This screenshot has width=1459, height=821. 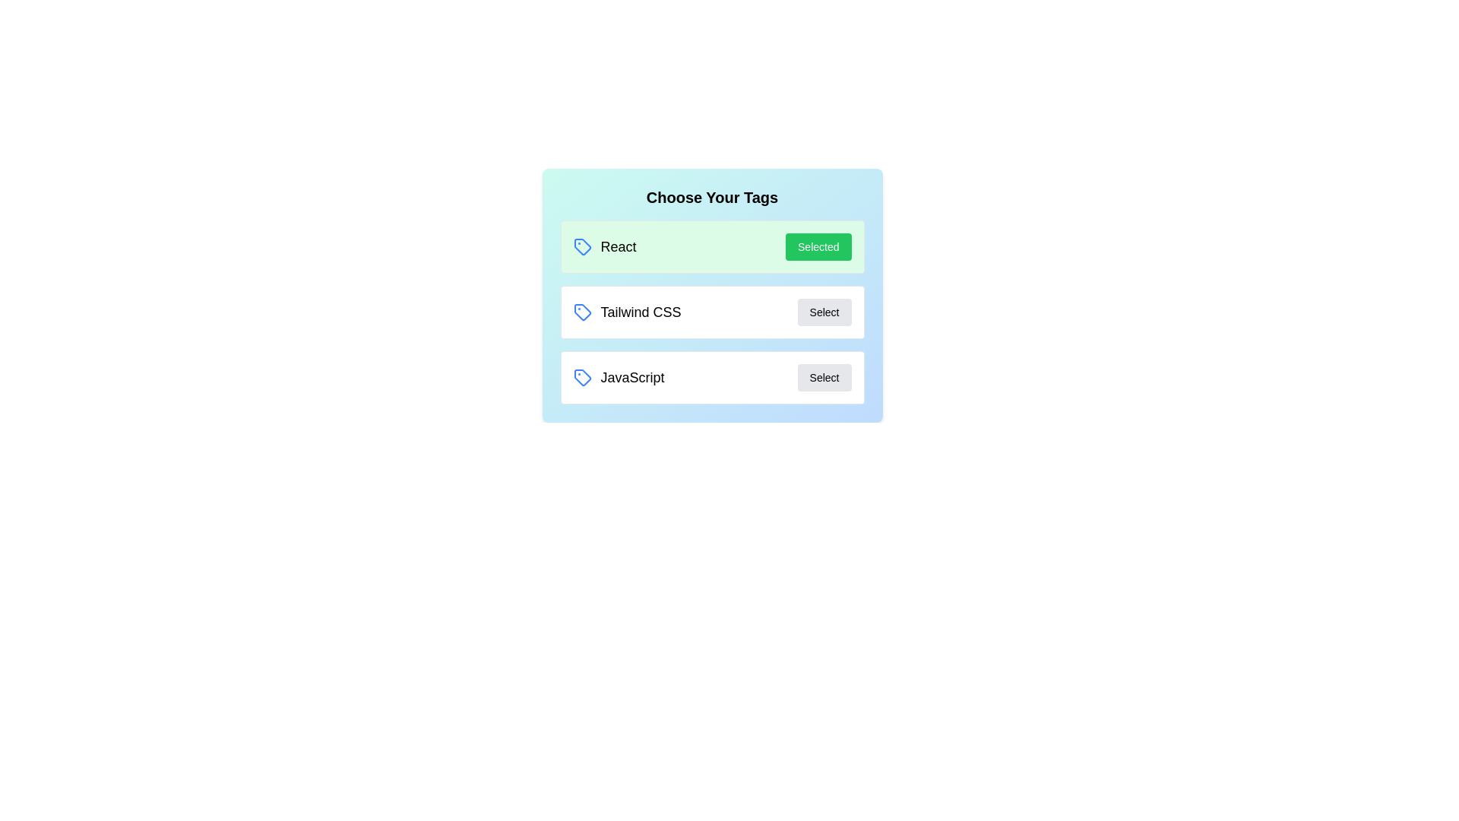 I want to click on button associated with the tag JavaScript to toggle its selection state, so click(x=823, y=377).